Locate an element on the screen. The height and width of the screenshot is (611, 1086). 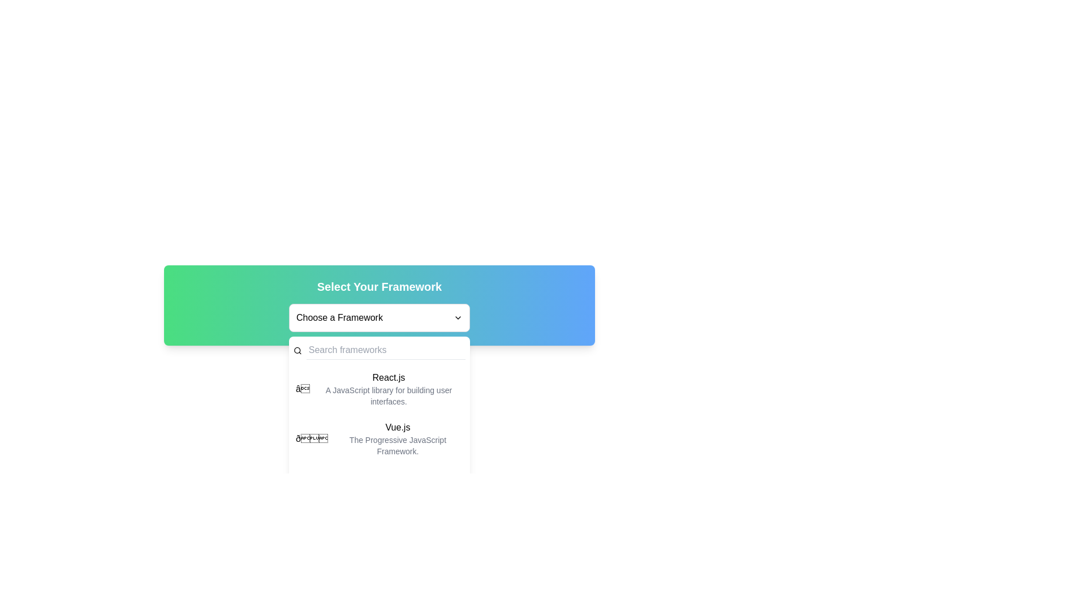
the decorative emoji icon at the beginning of the Vue.js row, which signifies an important feature of the Vue.js framework is located at coordinates (312, 438).